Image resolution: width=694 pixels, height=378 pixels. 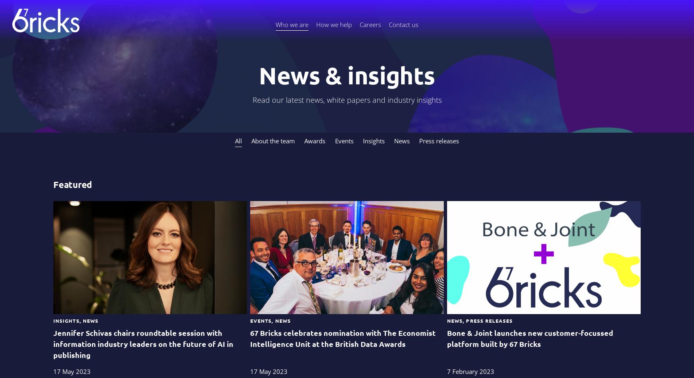 I want to click on 'Events, News', so click(x=270, y=320).